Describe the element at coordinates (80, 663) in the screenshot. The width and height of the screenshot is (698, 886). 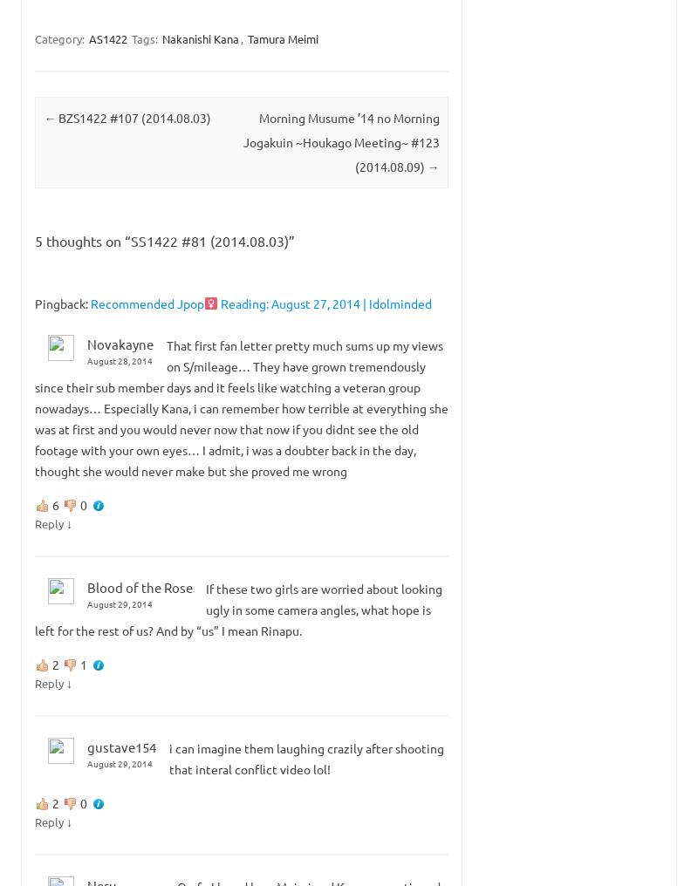
I see `'1'` at that location.